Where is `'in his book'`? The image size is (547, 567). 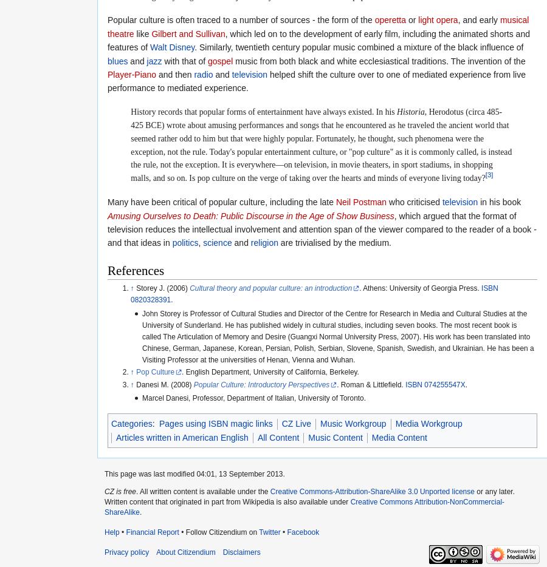
'in his book' is located at coordinates (499, 202).